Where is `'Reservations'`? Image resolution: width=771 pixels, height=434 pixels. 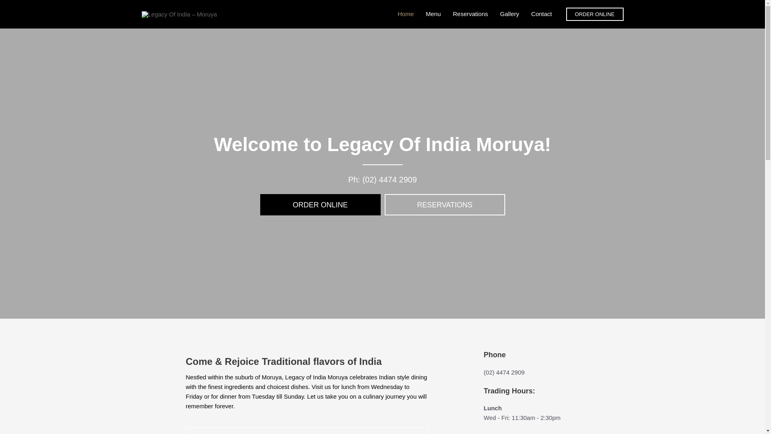 'Reservations' is located at coordinates (470, 14).